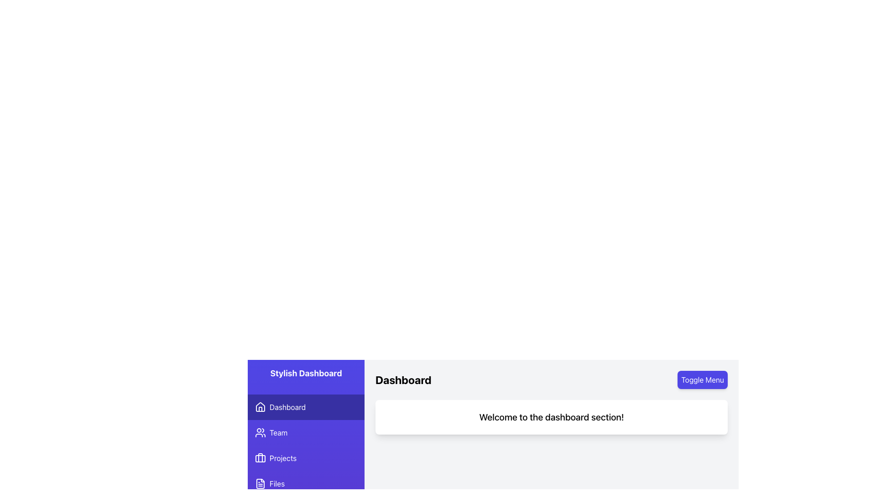  I want to click on the 'Team' button located in the vertical navigation menu on the left side of the interface, so click(306, 432).